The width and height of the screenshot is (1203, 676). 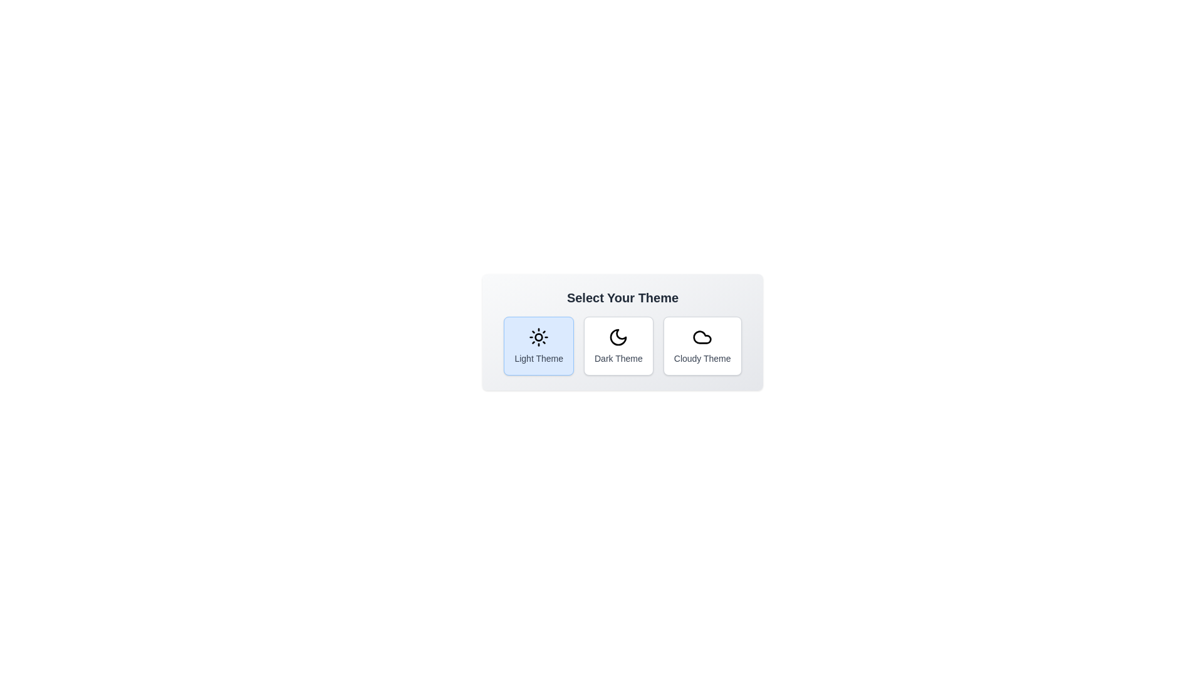 I want to click on the instructional Text label located centrally at the top of the theme selection options, which provides guidance about the themes below, so click(x=622, y=297).